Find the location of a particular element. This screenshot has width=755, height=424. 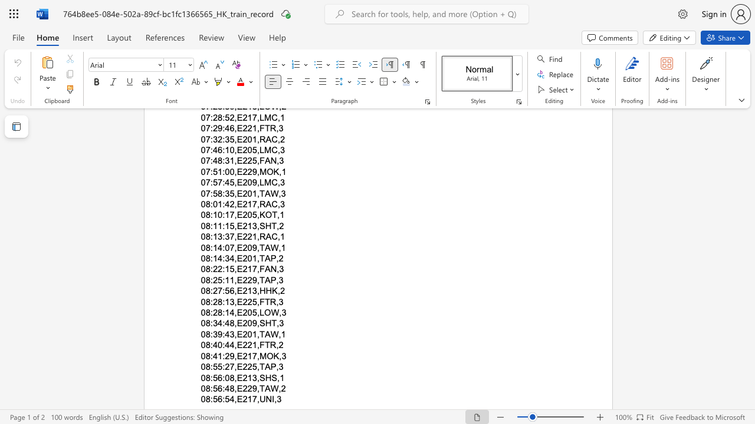

the space between the continuous character "A" and "P" in the text is located at coordinates (270, 366).